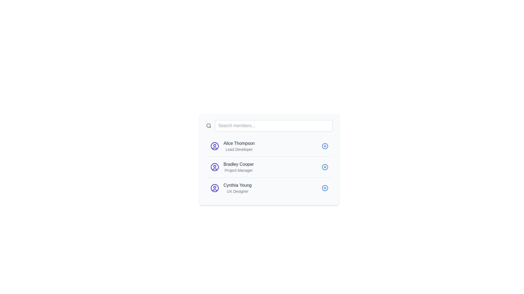 This screenshot has height=294, width=524. Describe the element at coordinates (215, 146) in the screenshot. I see `the Avatar icon representing user 'Alice Thompson', which is the first item` at that location.